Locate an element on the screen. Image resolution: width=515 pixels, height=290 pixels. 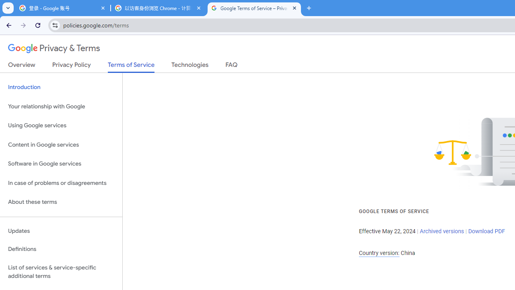
'Country version:' is located at coordinates (379, 253).